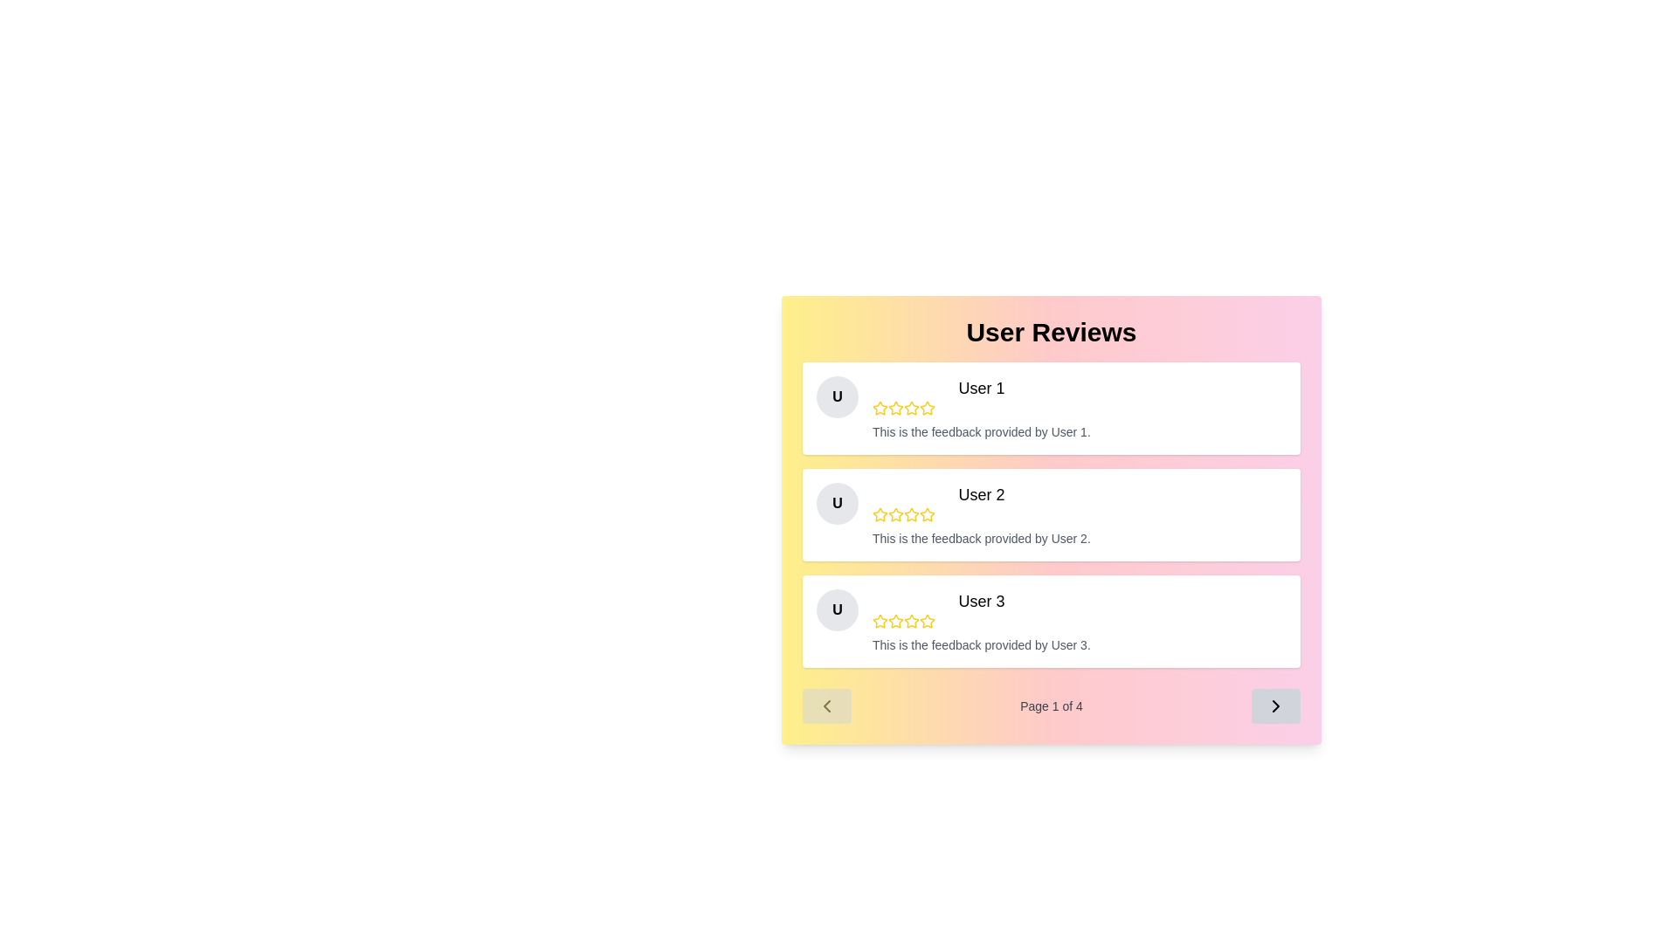  I want to click on the third star icon in the rating system for 'User 1', so click(926, 408).